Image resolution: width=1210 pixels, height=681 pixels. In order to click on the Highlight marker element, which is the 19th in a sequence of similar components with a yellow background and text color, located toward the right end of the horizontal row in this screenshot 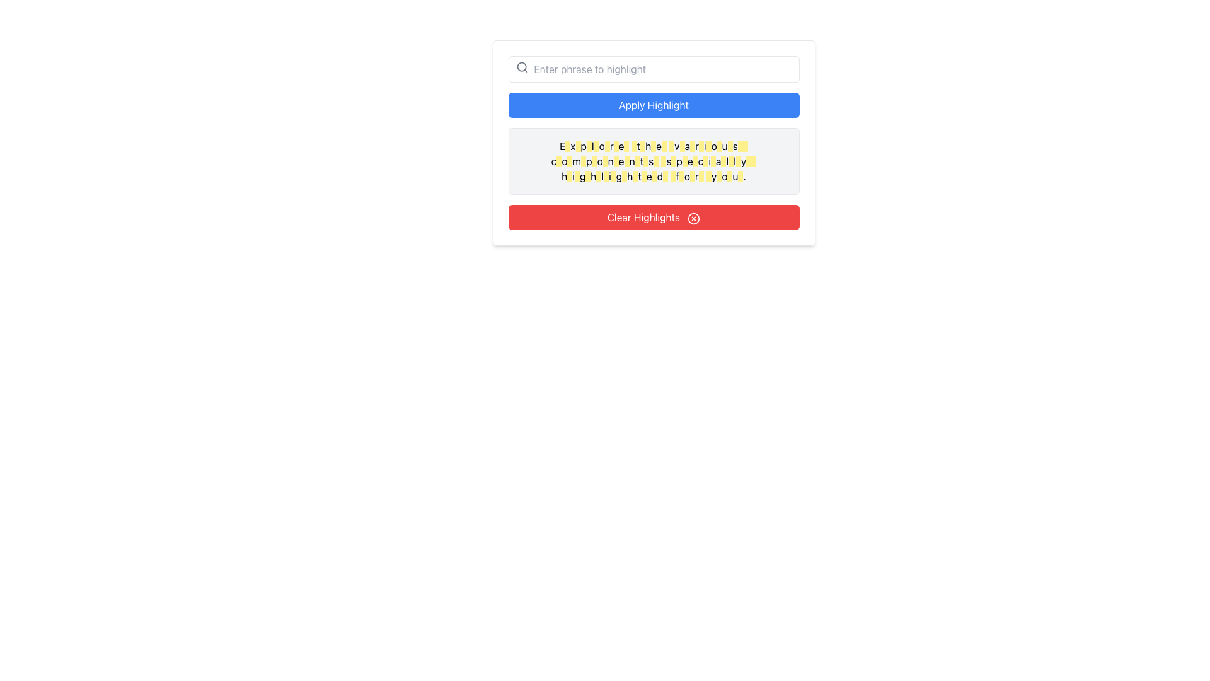, I will do `click(740, 145)`.